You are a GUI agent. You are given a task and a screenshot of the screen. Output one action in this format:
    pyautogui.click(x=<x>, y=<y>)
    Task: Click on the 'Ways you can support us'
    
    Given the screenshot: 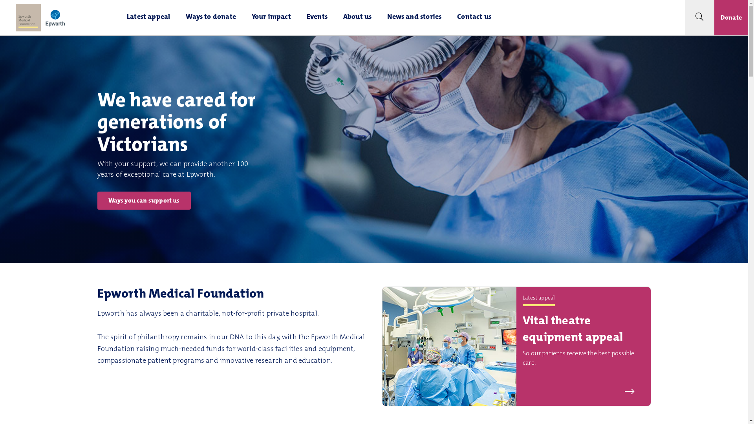 What is the action you would take?
    pyautogui.click(x=97, y=200)
    